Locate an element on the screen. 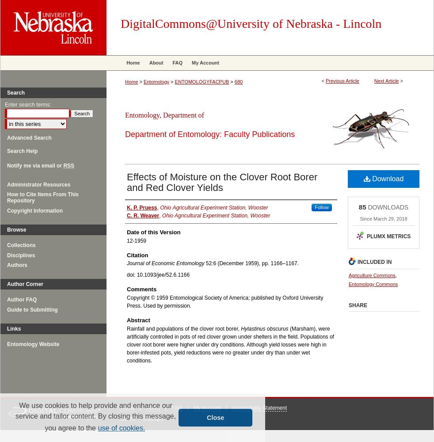 This screenshot has height=442, width=434. 'C. R. Weaver' is located at coordinates (143, 215).